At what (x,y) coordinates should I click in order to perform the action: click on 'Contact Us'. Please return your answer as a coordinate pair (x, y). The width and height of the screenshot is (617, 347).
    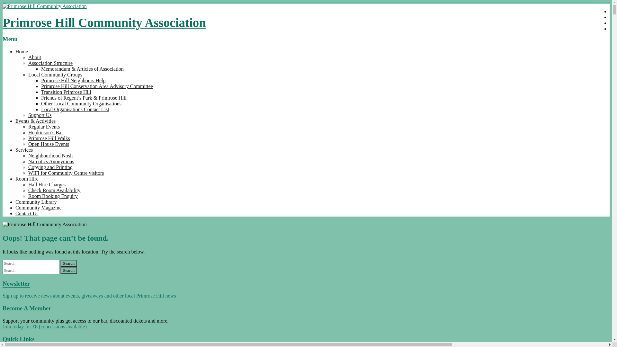
    Looking at the image, I should click on (26, 213).